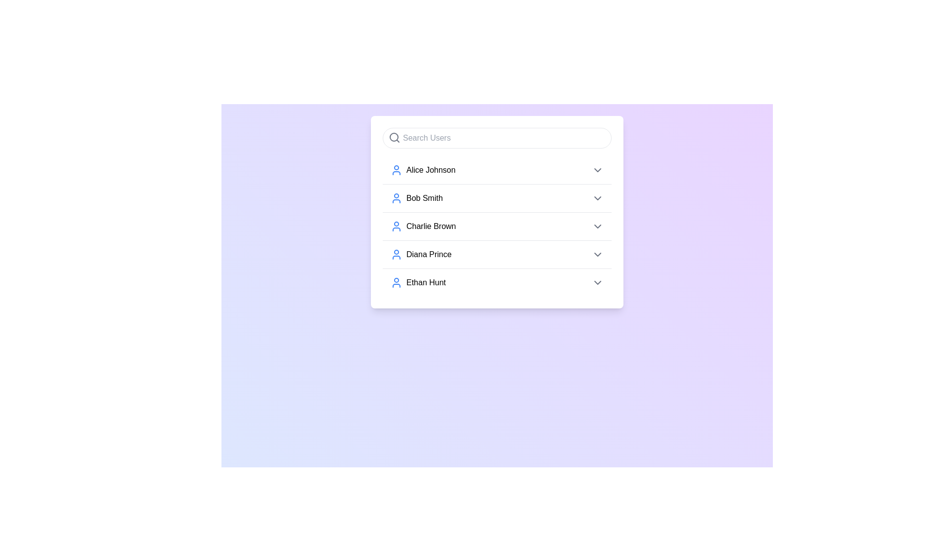  I want to click on the text label displaying 'Diana Prince', which is the fourth item in the user list, located between a user icon on the left and a downwards-pointing arrow on the right, so click(429, 254).